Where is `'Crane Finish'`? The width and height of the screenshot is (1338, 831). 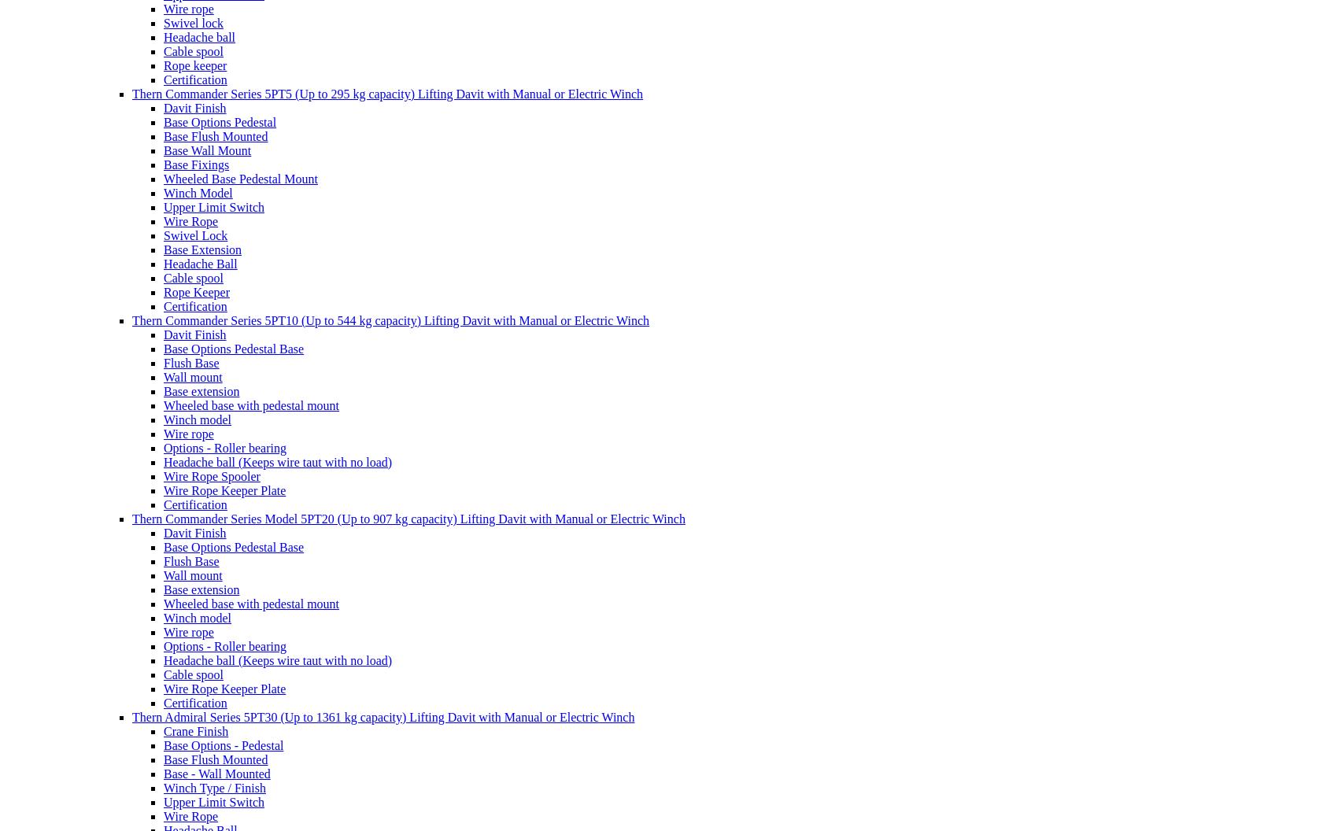 'Crane Finish' is located at coordinates (196, 730).